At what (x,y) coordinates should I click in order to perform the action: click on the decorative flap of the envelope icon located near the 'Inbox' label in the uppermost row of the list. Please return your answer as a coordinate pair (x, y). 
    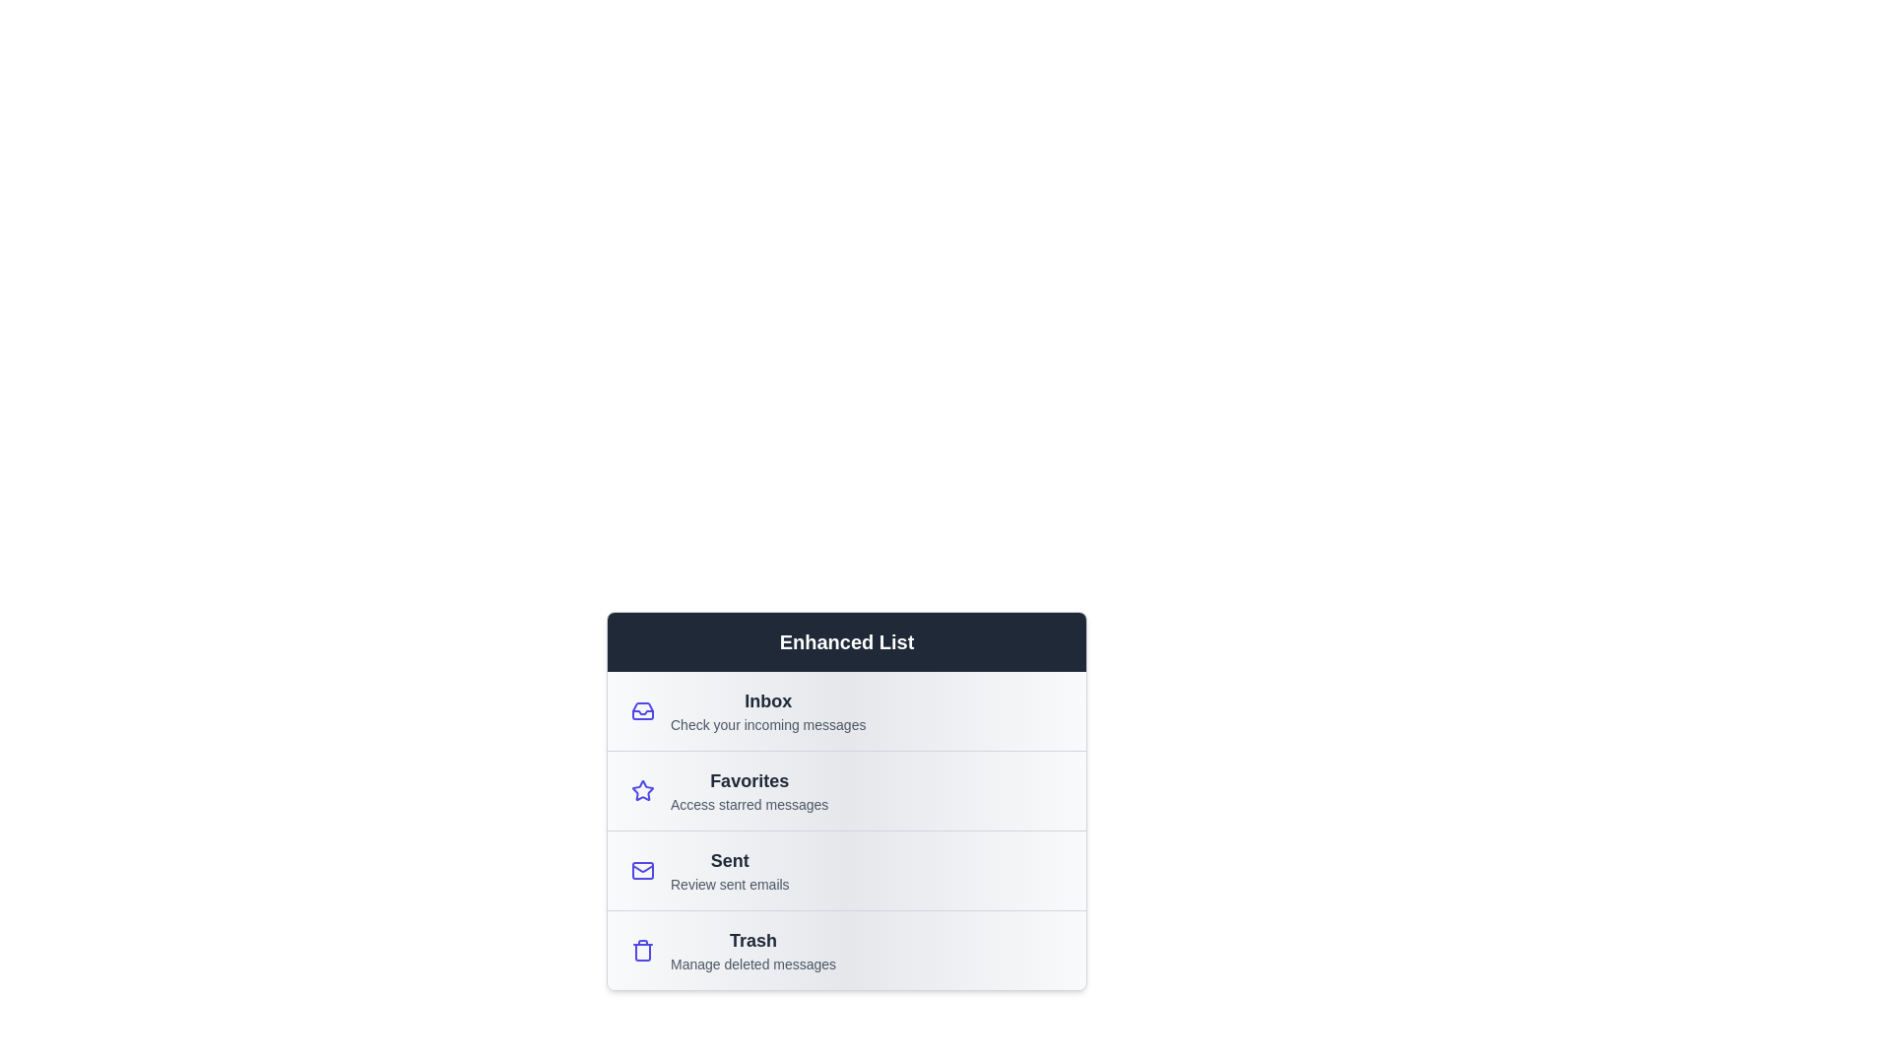
    Looking at the image, I should click on (642, 866).